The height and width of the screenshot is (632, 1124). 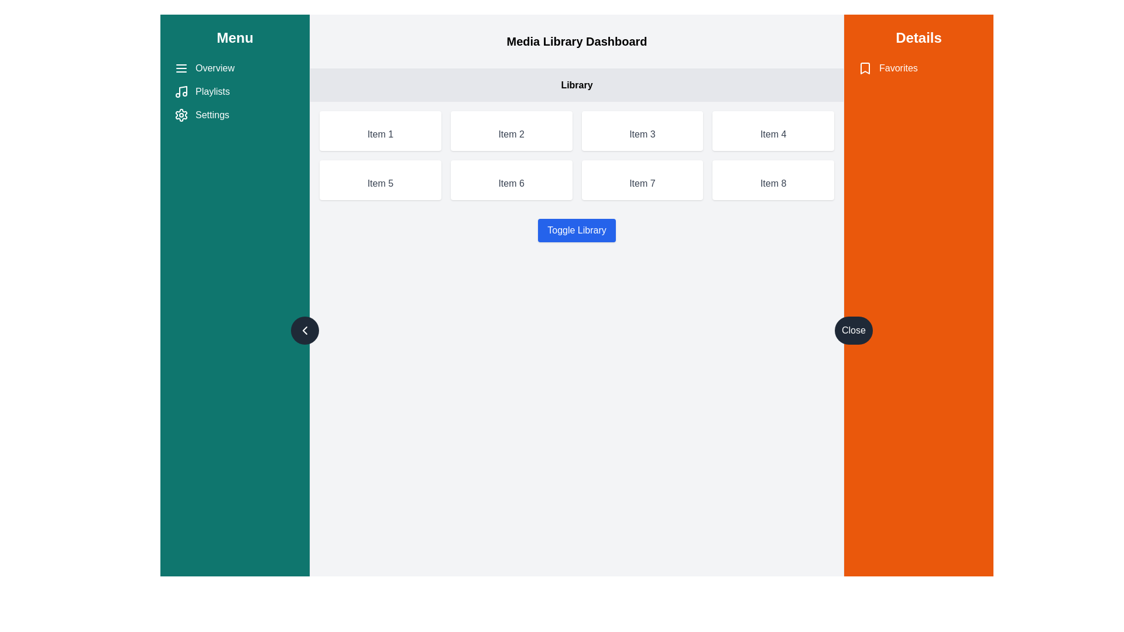 What do you see at coordinates (234, 37) in the screenshot?
I see `the Text label or heading in the left sidebar that indicates the section's purpose, positioned at the upper part of the sidebar` at bounding box center [234, 37].